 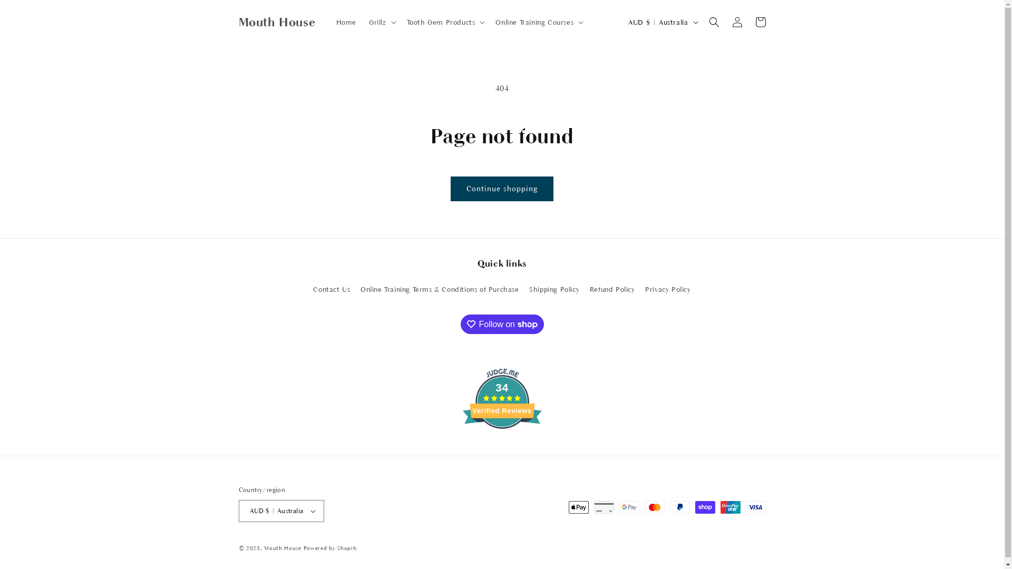 I want to click on 'Mouth House', so click(x=283, y=547).